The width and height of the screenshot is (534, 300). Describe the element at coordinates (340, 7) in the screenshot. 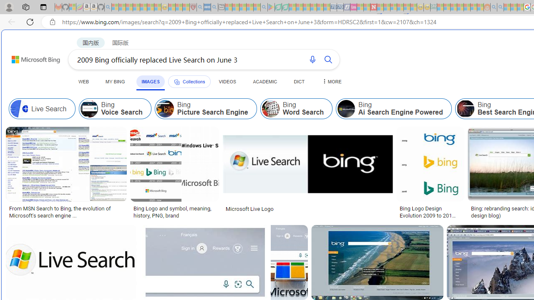

I see `'Cheap Hotels - Save70.com - Sleeping'` at that location.